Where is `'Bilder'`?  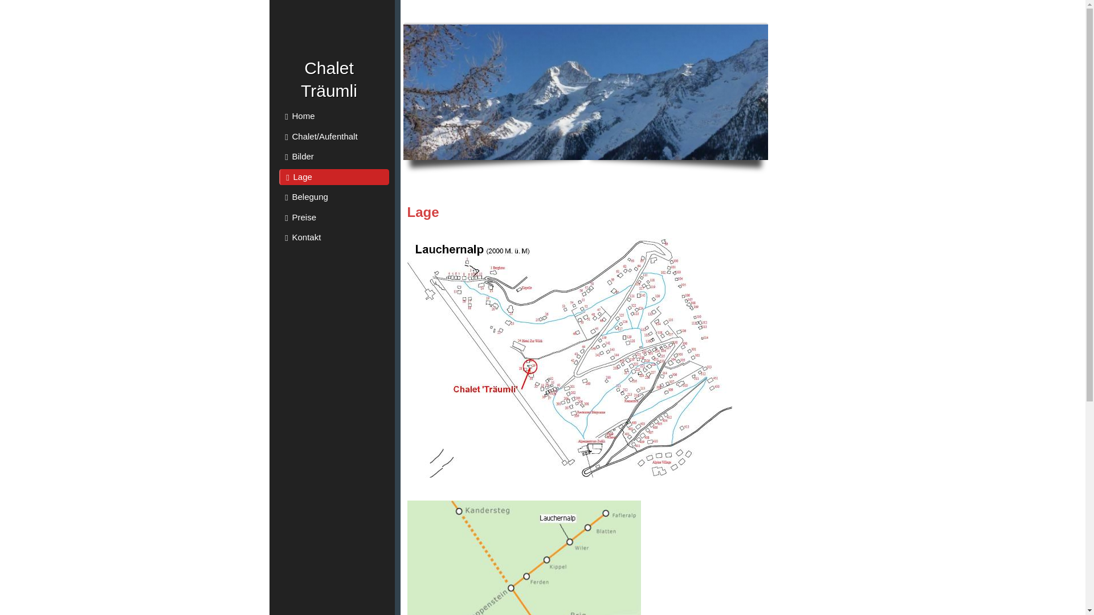
'Bilder' is located at coordinates (333, 156).